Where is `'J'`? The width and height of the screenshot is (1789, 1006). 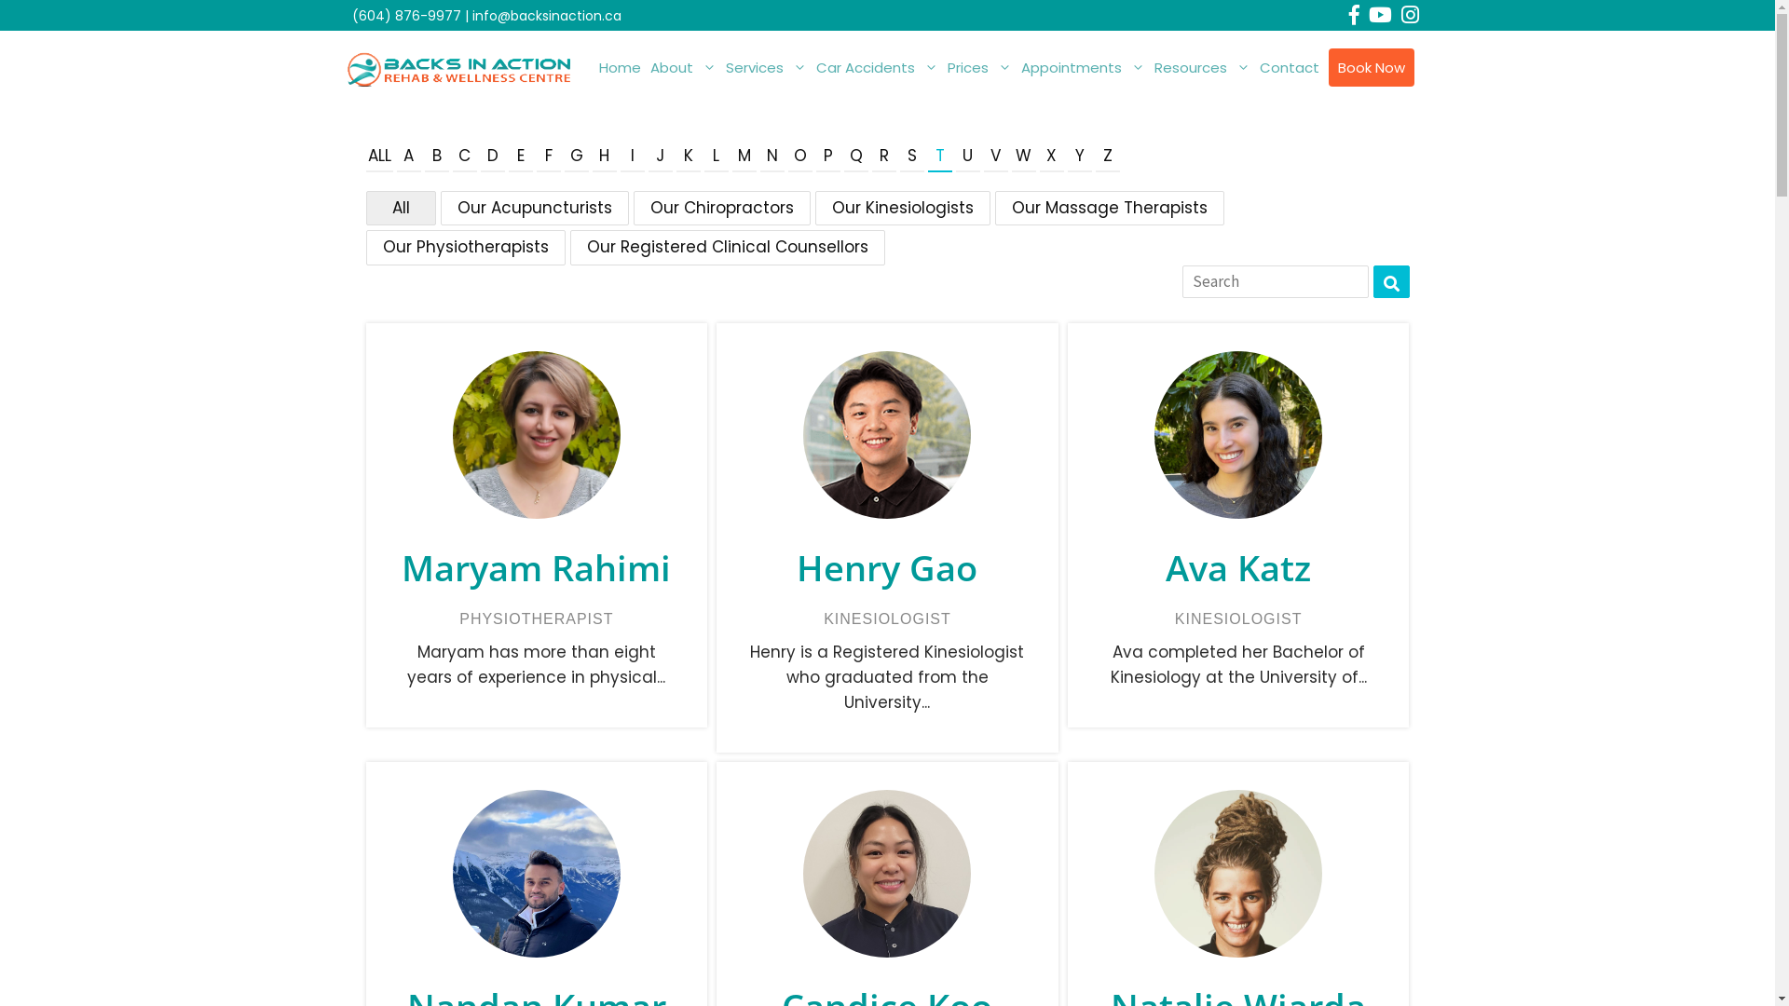 'J' is located at coordinates (661, 156).